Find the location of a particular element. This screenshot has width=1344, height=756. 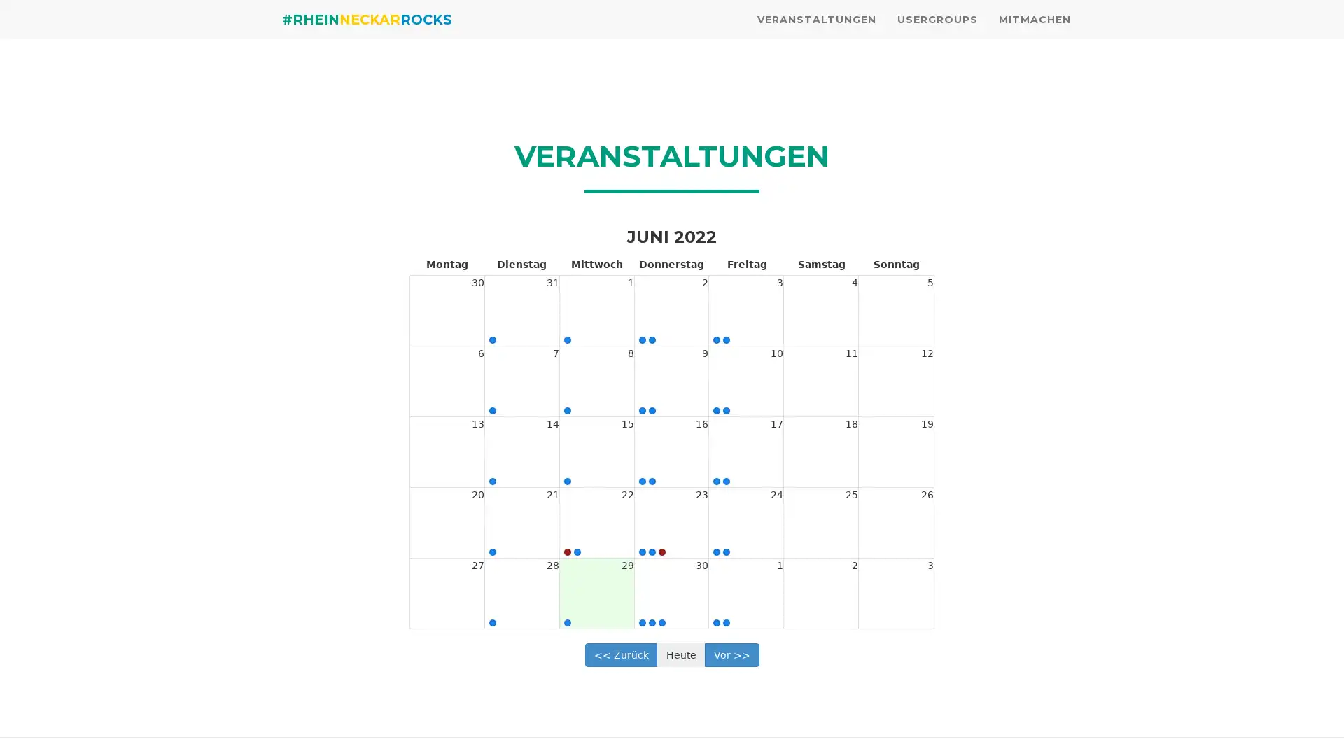

Vor >> is located at coordinates (731, 654).